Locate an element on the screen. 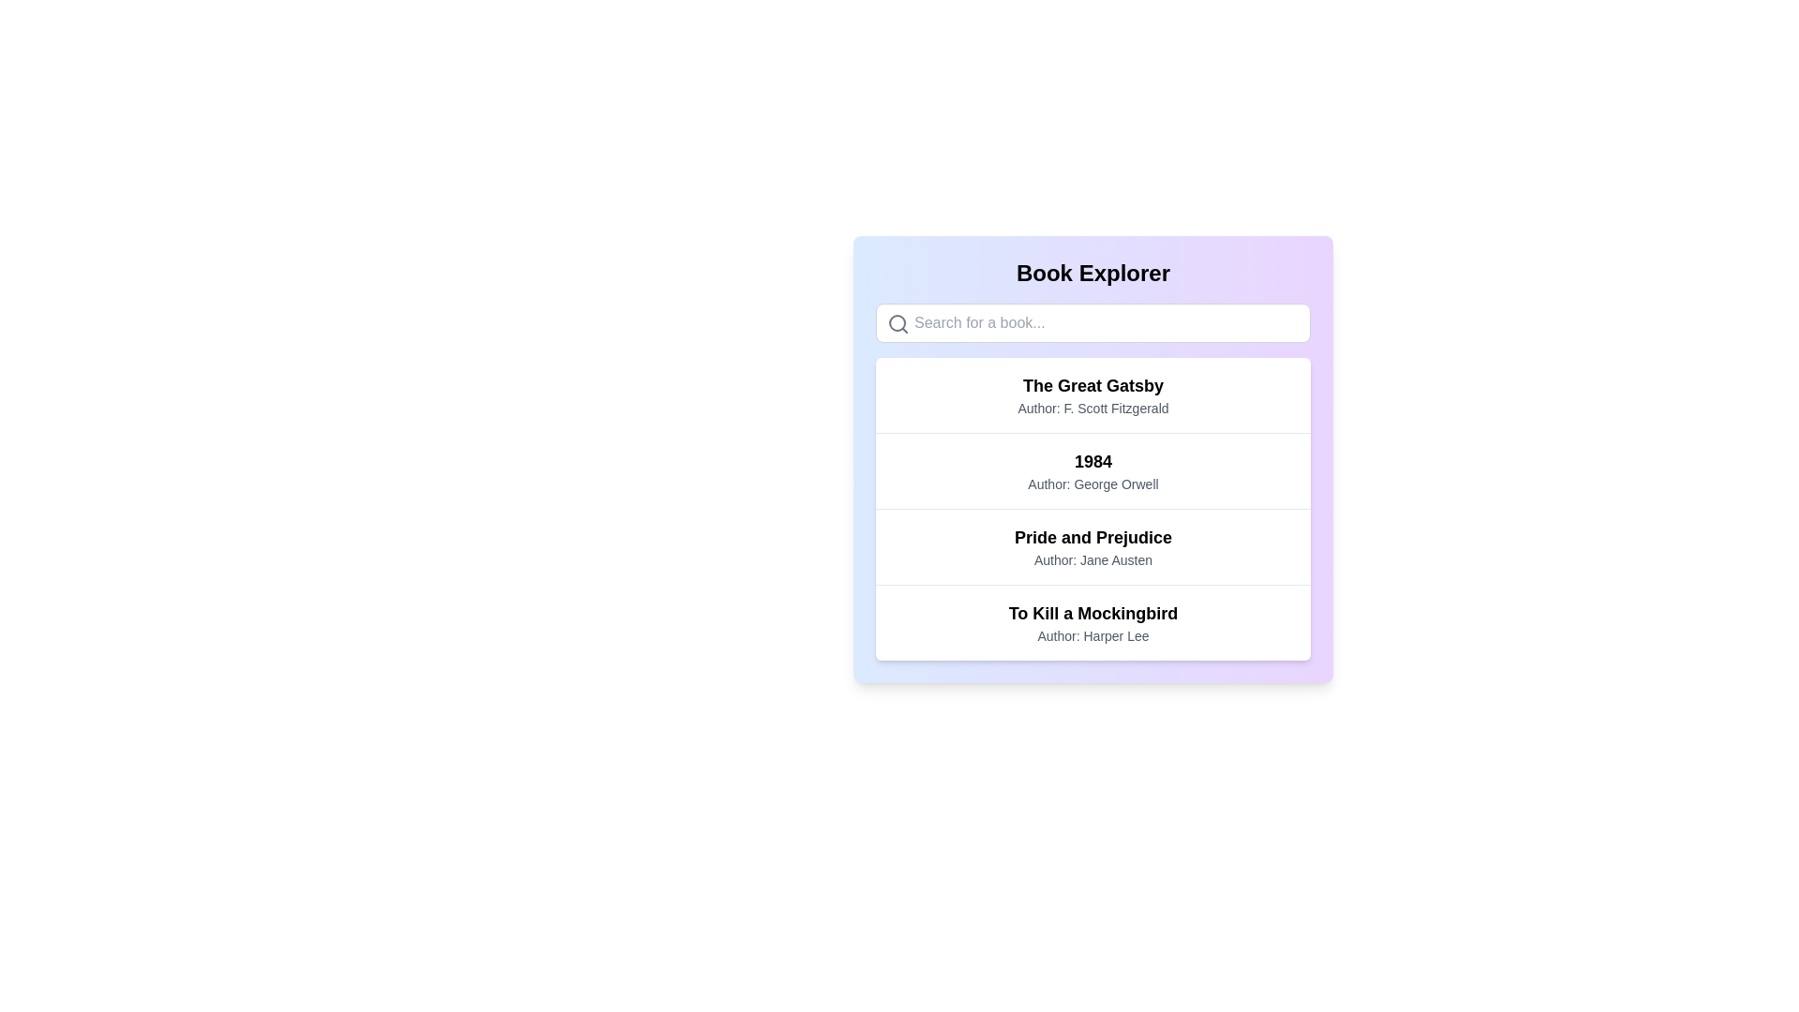 The image size is (1799, 1012). the gray magnifying glass icon located to the left of the 'Search for a book...' placeholder in the search bar to initiate a search is located at coordinates (898, 323).